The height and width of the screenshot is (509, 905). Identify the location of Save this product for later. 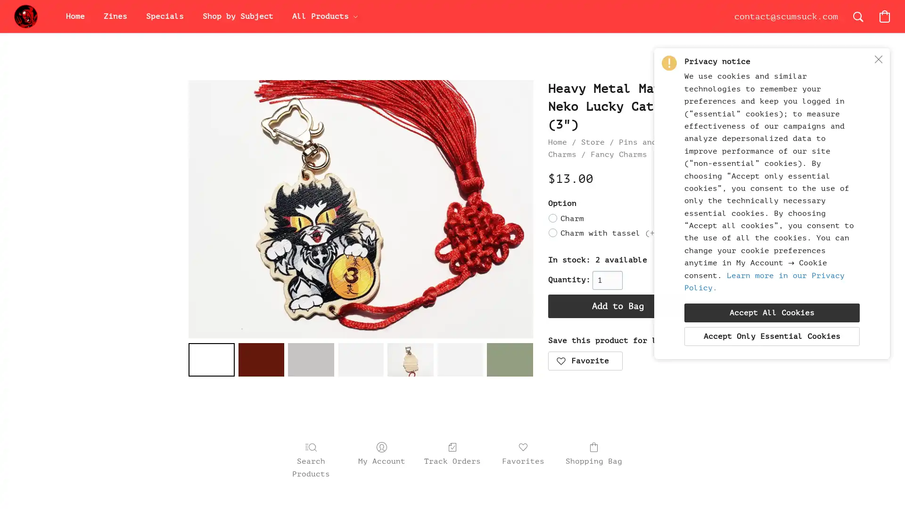
(584, 361).